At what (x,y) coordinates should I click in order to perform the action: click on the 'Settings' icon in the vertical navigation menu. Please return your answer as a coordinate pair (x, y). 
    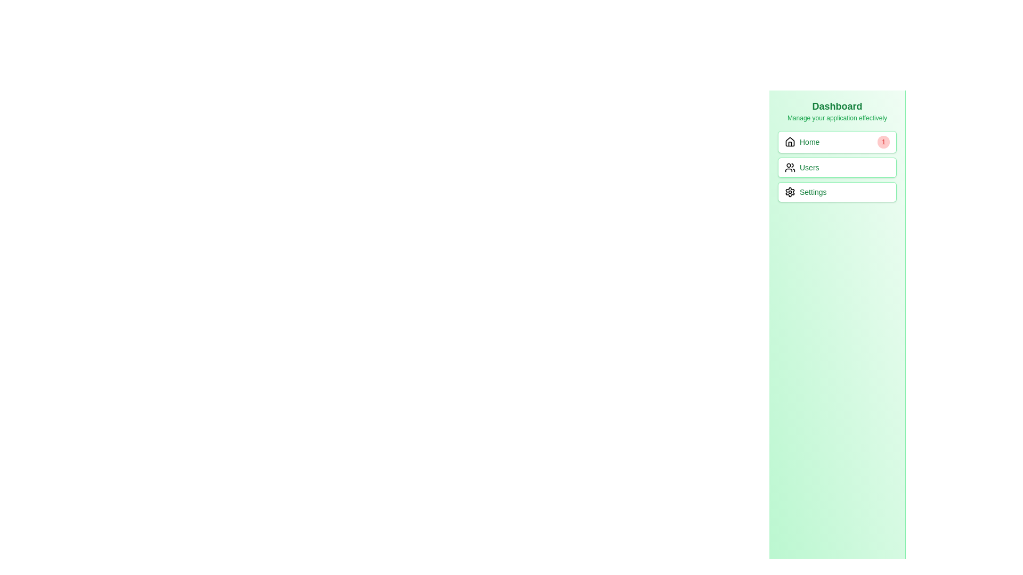
    Looking at the image, I should click on (790, 192).